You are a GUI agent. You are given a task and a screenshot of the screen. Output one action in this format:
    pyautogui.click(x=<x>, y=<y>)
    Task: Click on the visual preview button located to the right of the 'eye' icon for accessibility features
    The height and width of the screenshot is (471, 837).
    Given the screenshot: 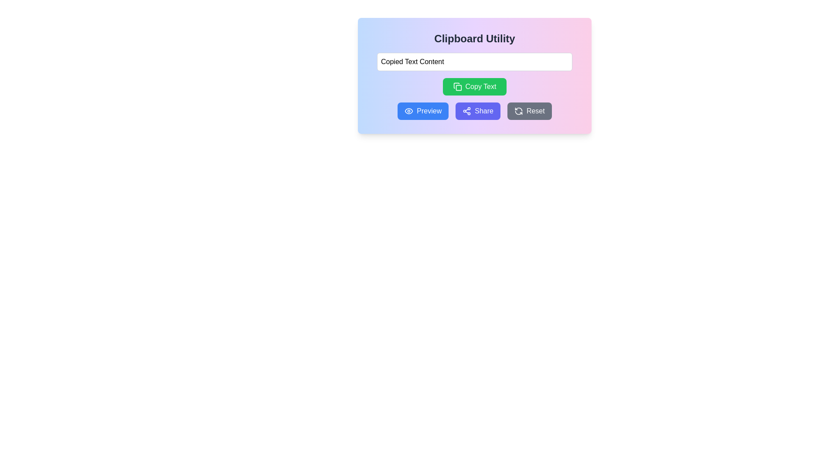 What is the action you would take?
    pyautogui.click(x=429, y=110)
    